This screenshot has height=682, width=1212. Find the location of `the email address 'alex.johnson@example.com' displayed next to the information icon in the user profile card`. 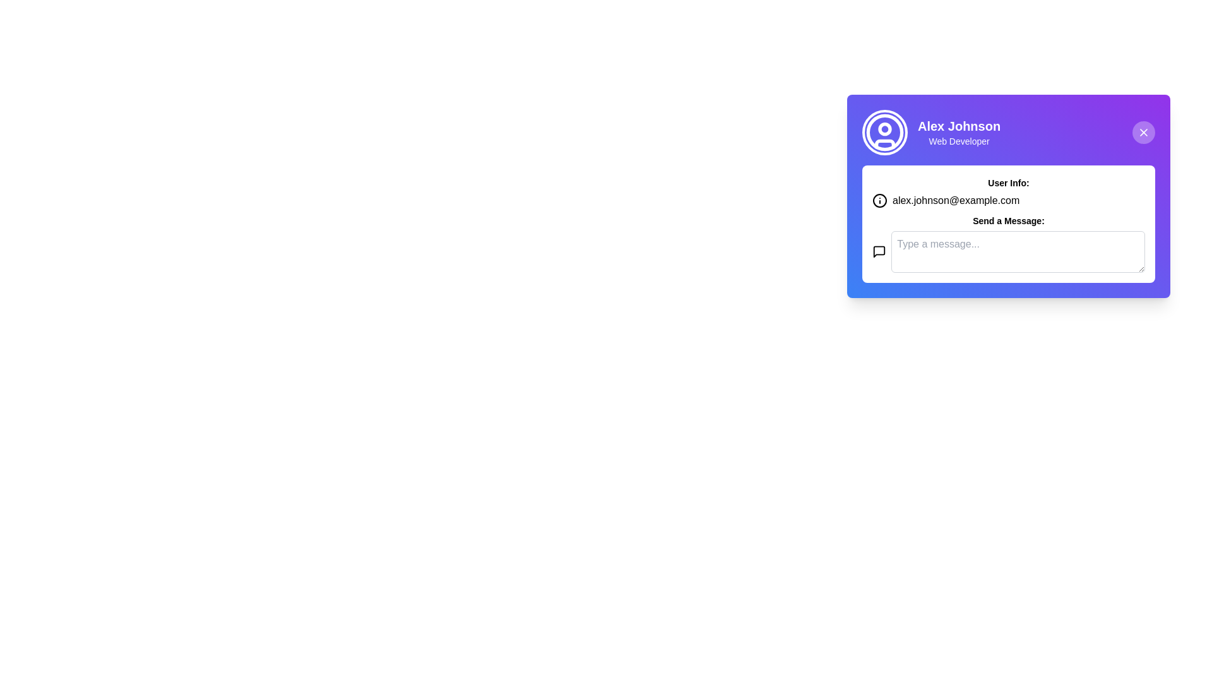

the email address 'alex.johnson@example.com' displayed next to the information icon in the user profile card is located at coordinates (1008, 200).